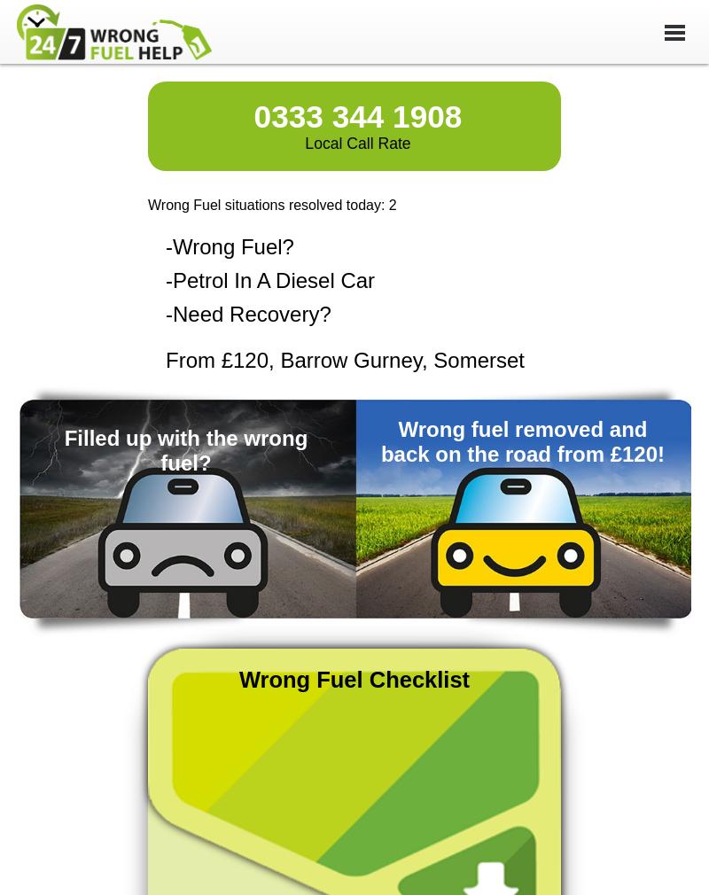 Image resolution: width=709 pixels, height=895 pixels. I want to click on 'Need Recovery?', so click(252, 314).